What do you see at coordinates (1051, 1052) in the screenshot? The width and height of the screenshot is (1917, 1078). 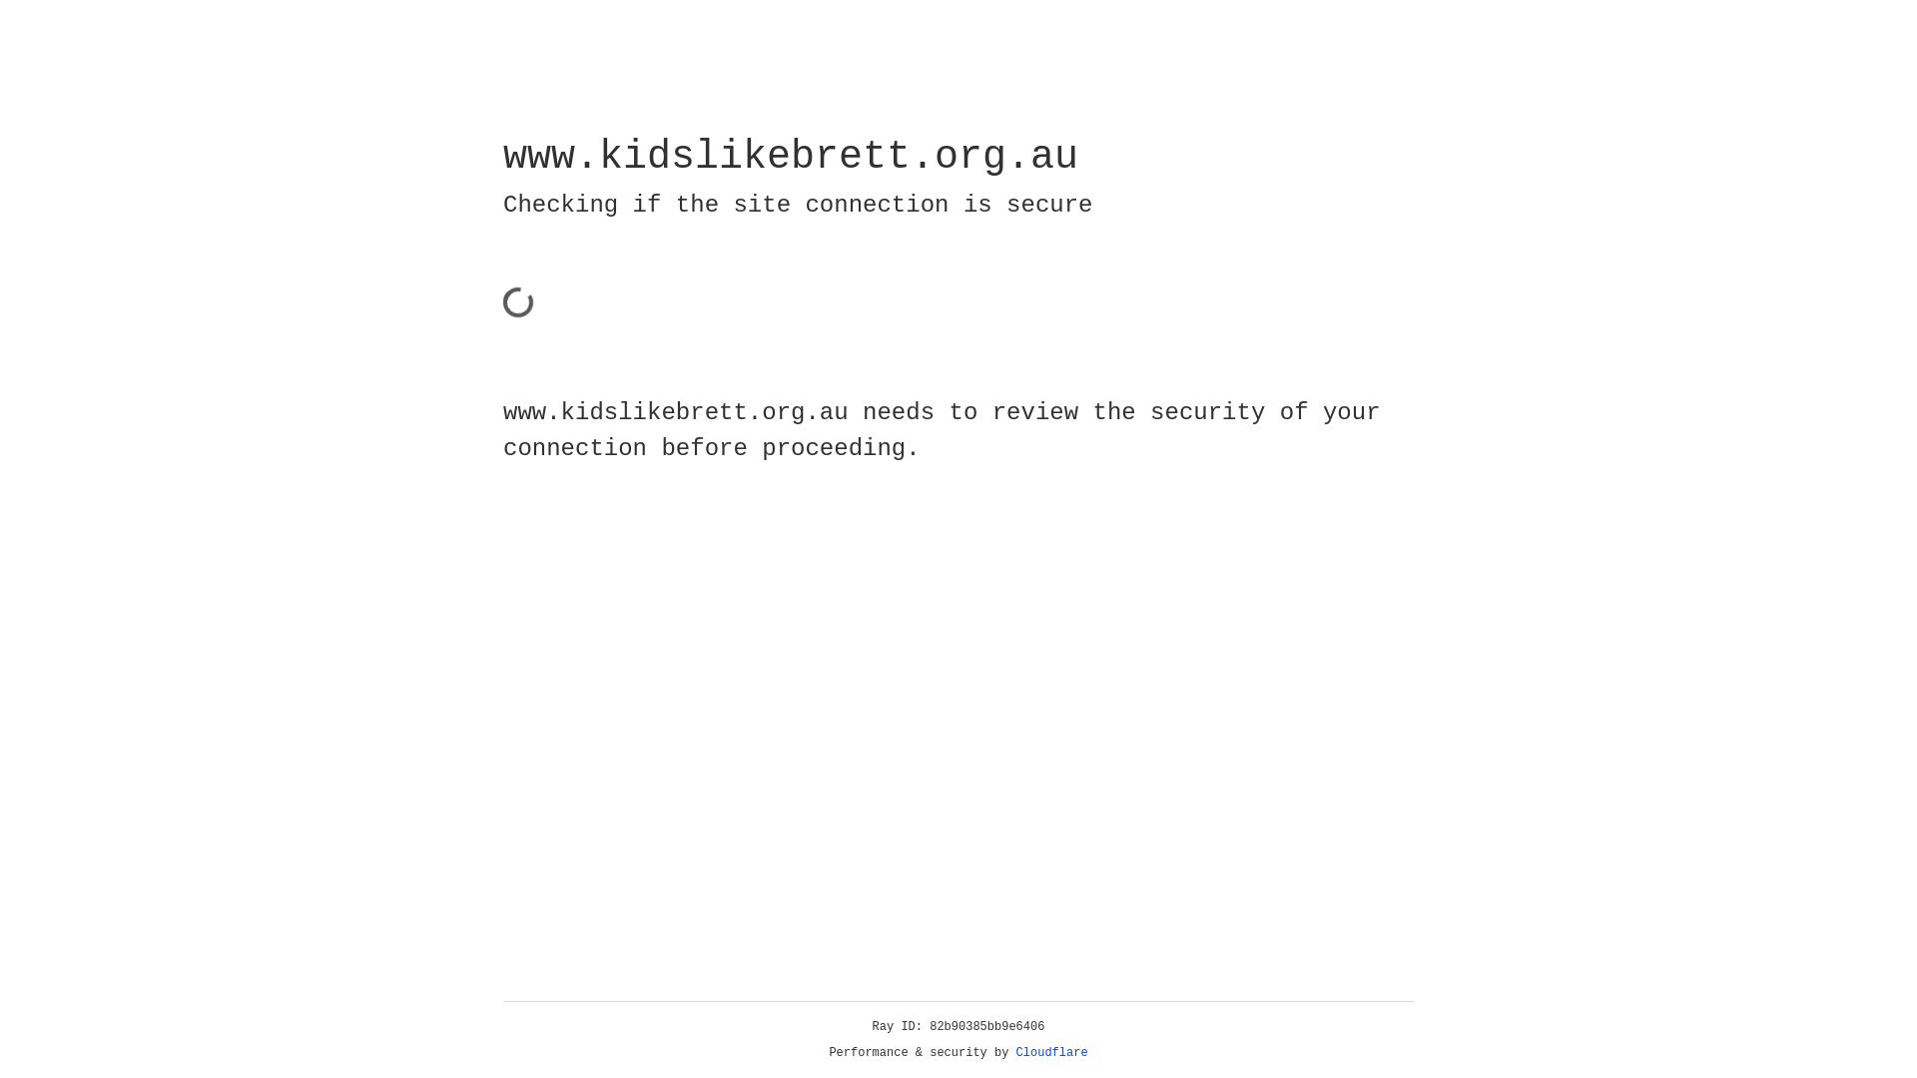 I see `'Cloudflare'` at bounding box center [1051, 1052].